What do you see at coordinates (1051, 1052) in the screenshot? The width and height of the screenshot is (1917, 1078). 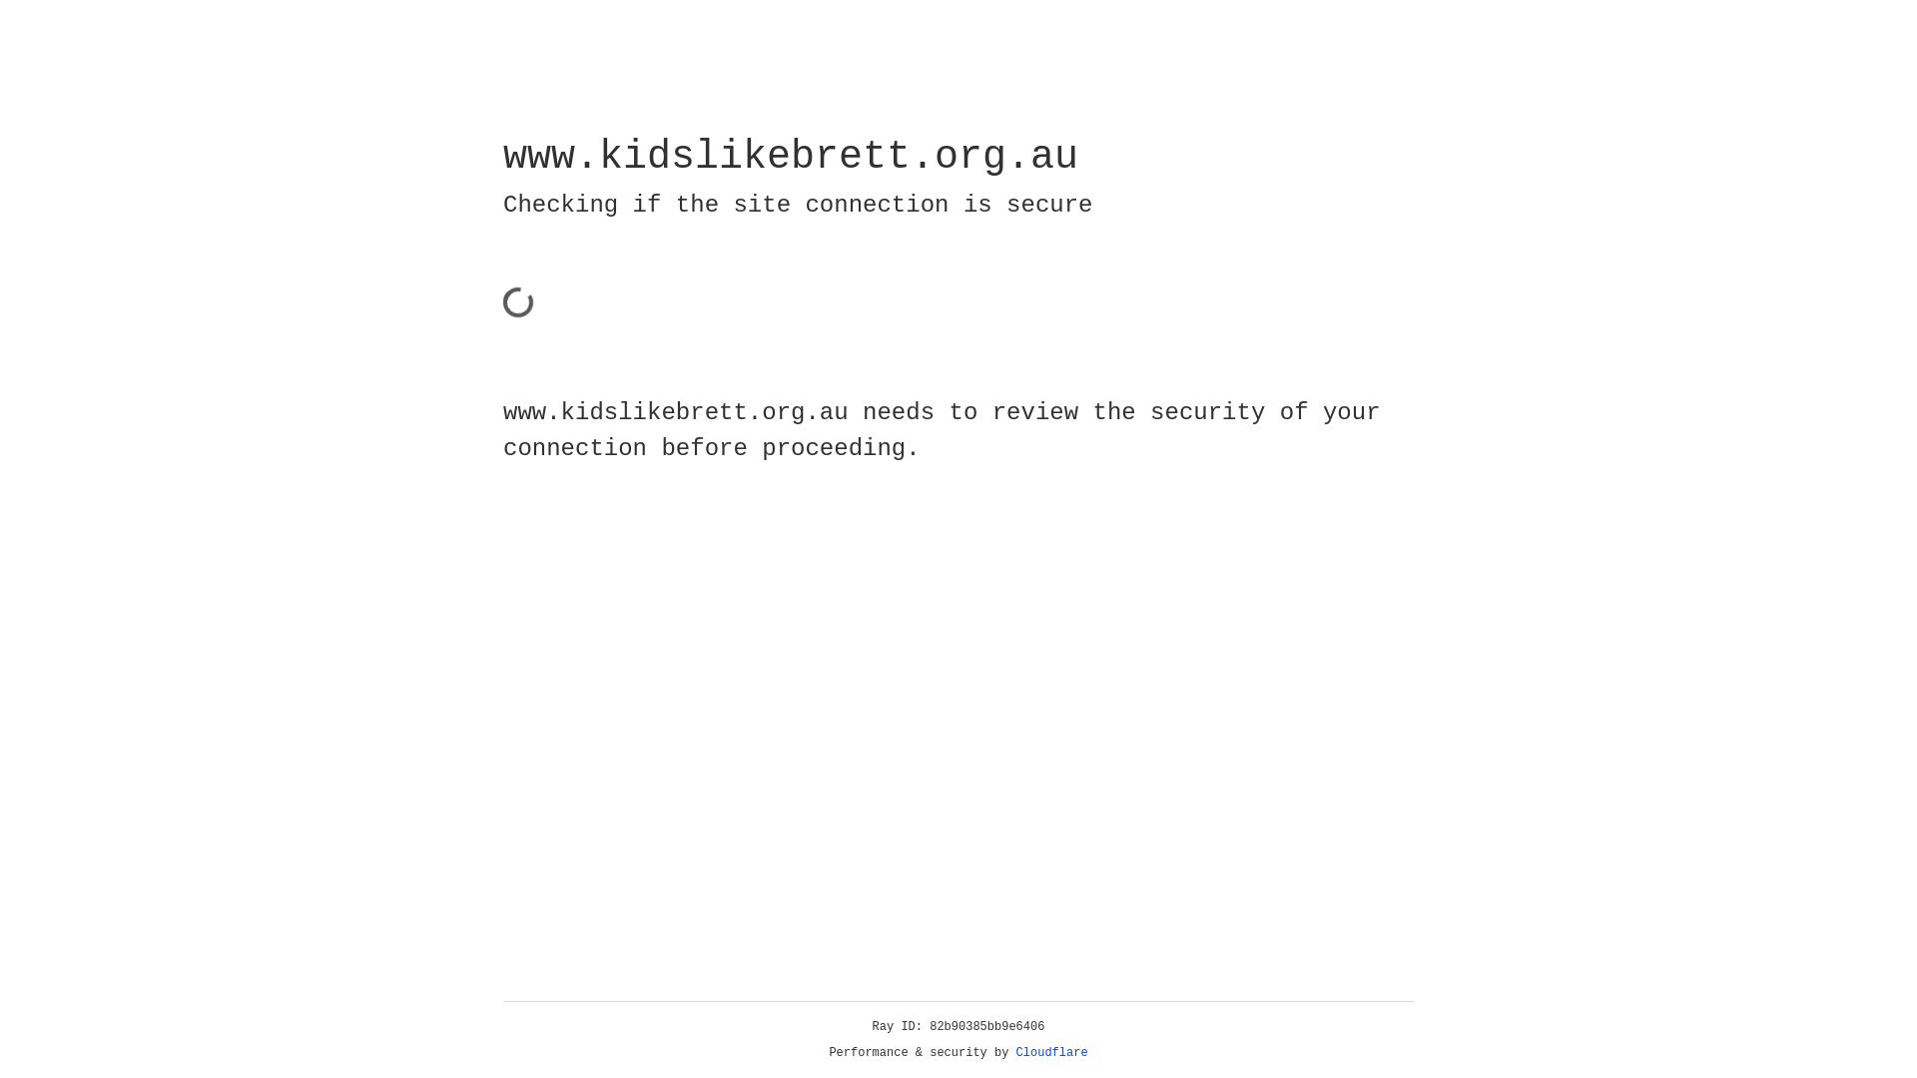 I see `'Cloudflare'` at bounding box center [1051, 1052].